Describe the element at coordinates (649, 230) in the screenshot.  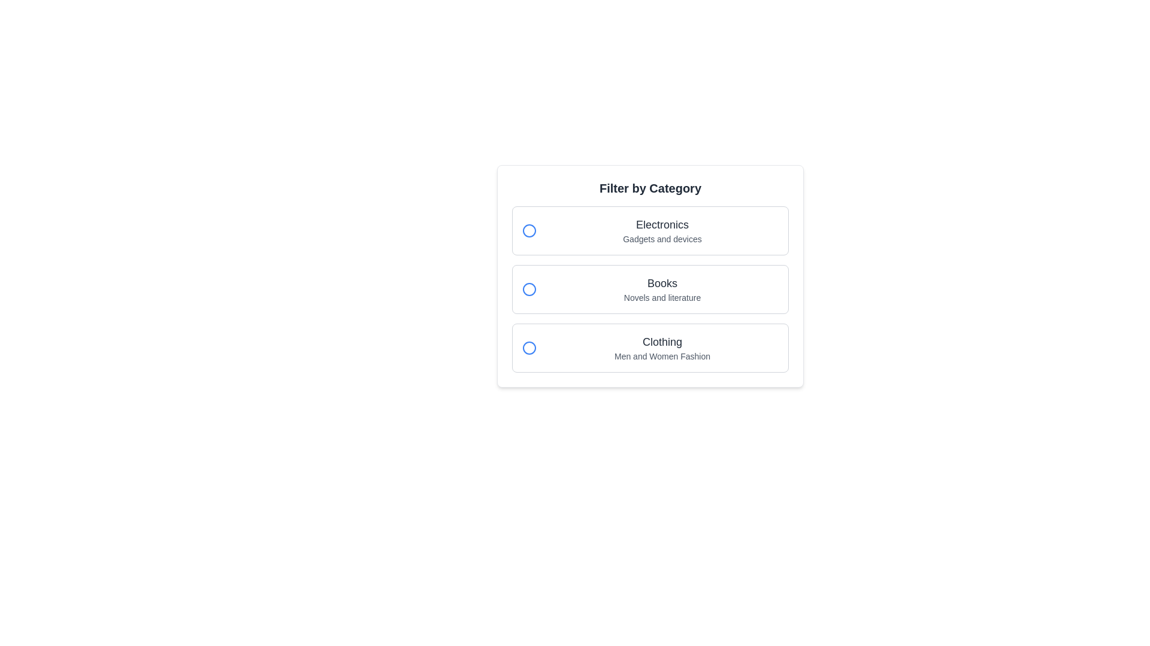
I see `the first selectable filter option for the category 'Electronics'` at that location.